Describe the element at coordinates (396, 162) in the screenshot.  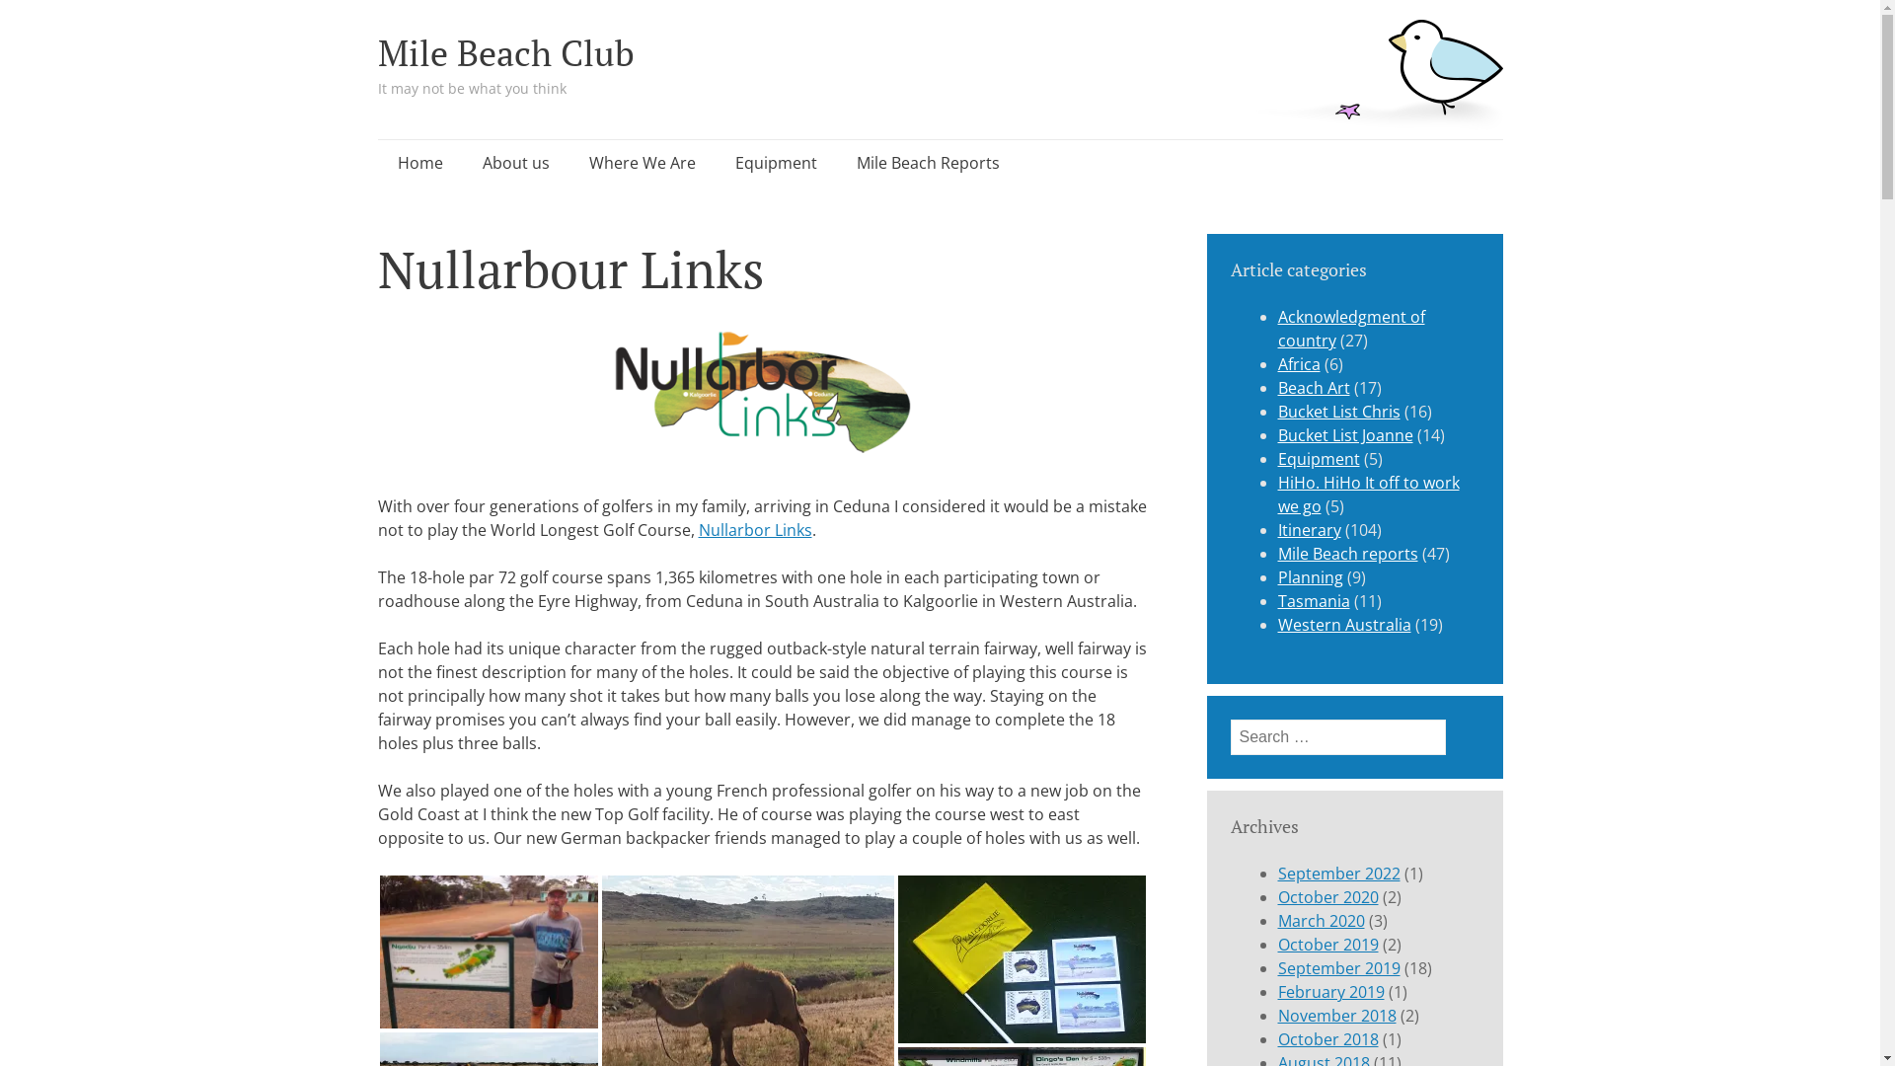
I see `'Skip to content'` at that location.